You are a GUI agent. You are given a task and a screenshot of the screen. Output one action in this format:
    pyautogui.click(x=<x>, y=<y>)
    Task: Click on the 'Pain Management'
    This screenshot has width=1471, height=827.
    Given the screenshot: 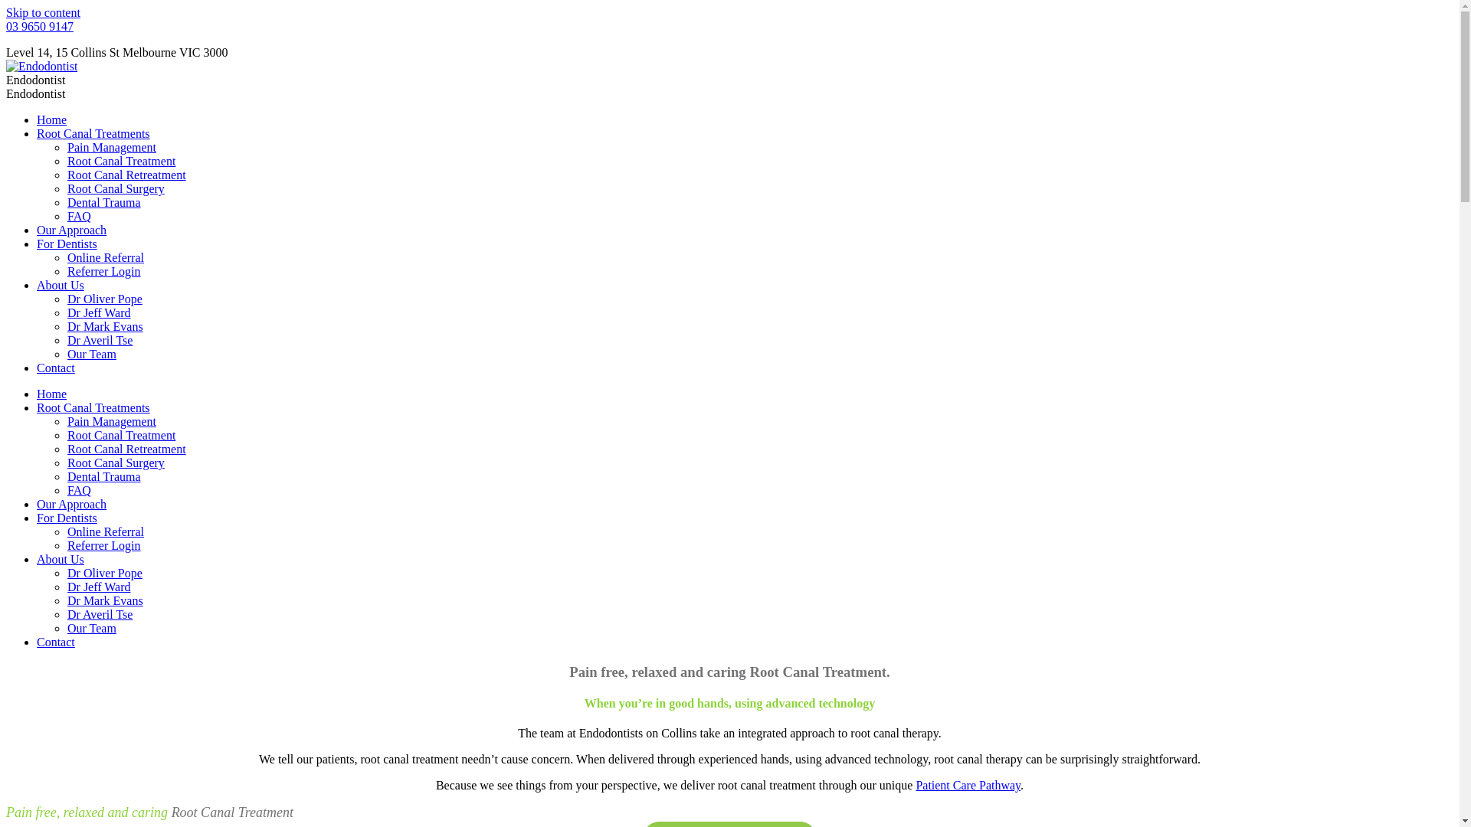 What is the action you would take?
    pyautogui.click(x=110, y=147)
    